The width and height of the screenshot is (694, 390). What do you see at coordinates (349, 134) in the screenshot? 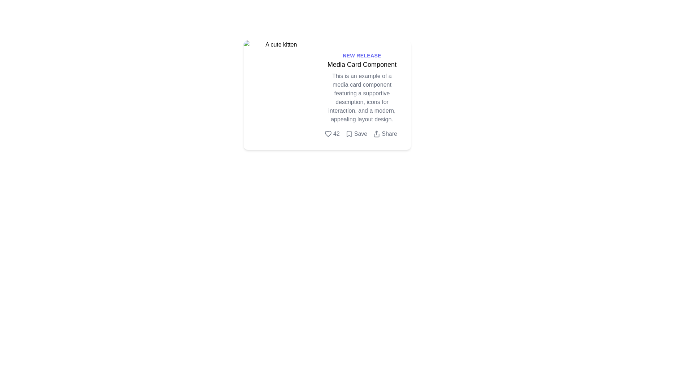
I see `the design of the bookmarking icon located to the left of the 'Save' text within a horizontally aligned group of elements in the lower-right section of the card layout` at bounding box center [349, 134].